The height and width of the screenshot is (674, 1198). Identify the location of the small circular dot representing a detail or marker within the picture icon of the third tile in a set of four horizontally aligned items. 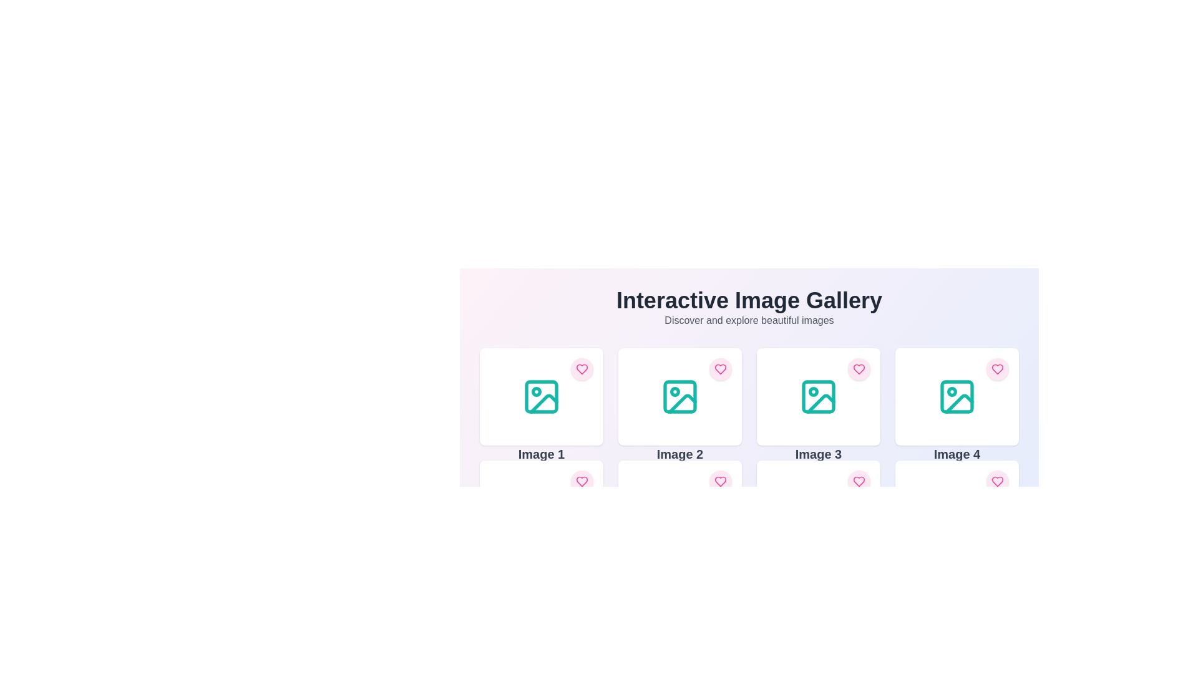
(814, 391).